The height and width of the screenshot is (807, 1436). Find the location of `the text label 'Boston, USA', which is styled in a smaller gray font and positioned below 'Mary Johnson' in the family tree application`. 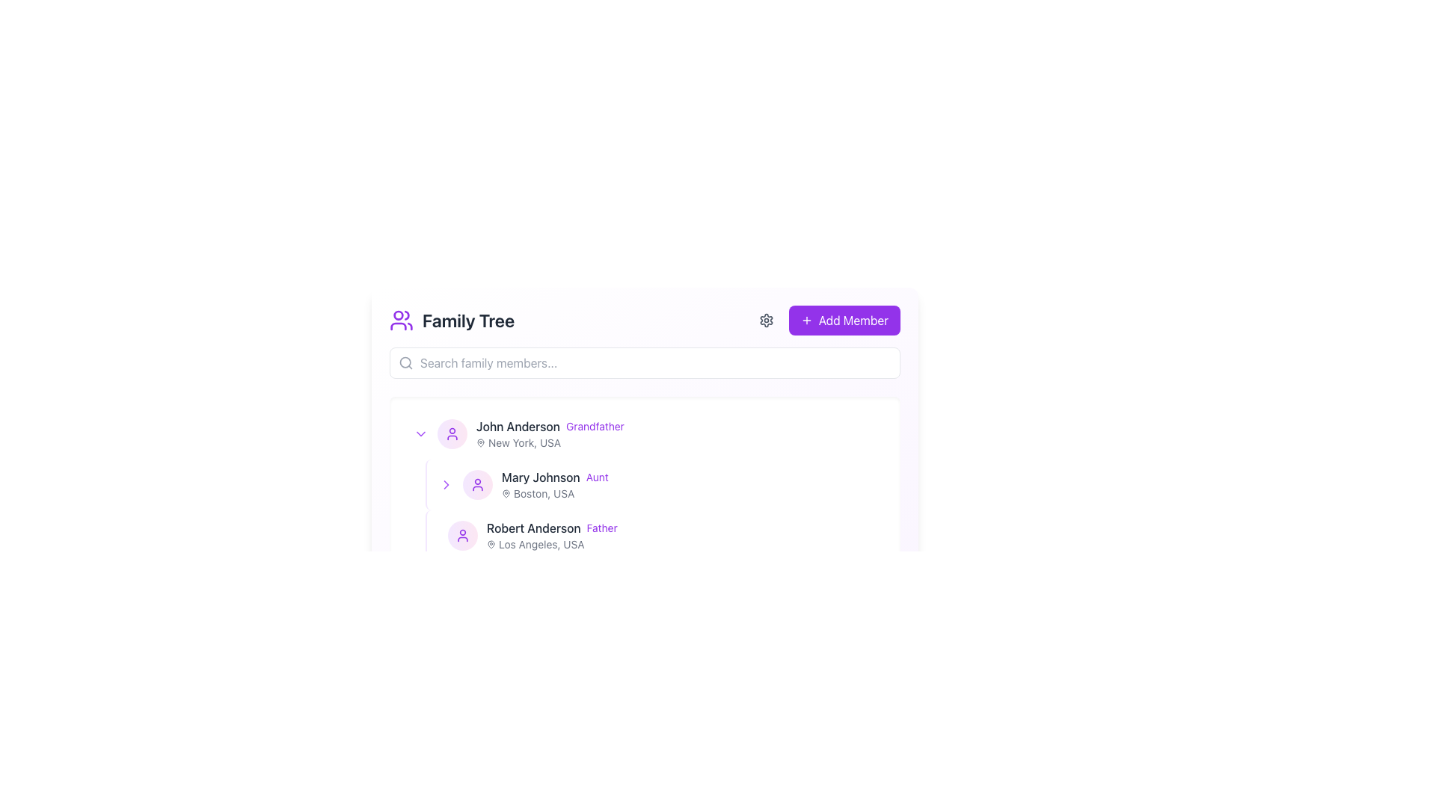

the text label 'Boston, USA', which is styled in a smaller gray font and positioned below 'Mary Johnson' in the family tree application is located at coordinates (543, 493).